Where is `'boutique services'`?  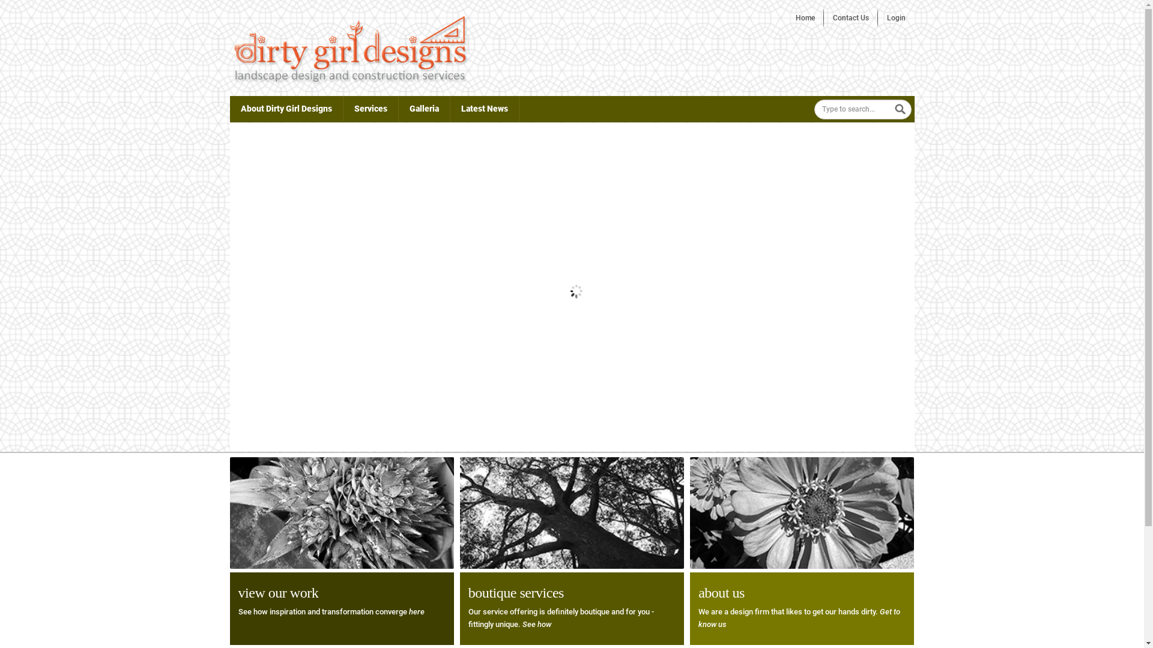 'boutique services' is located at coordinates (516, 592).